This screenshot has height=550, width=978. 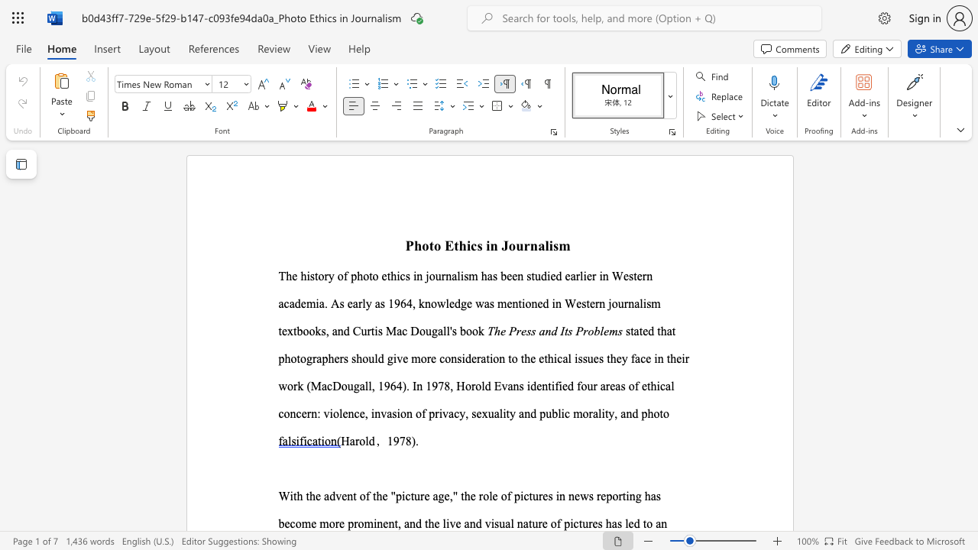 What do you see at coordinates (526, 244) in the screenshot?
I see `the 1th character "r" in the text` at bounding box center [526, 244].